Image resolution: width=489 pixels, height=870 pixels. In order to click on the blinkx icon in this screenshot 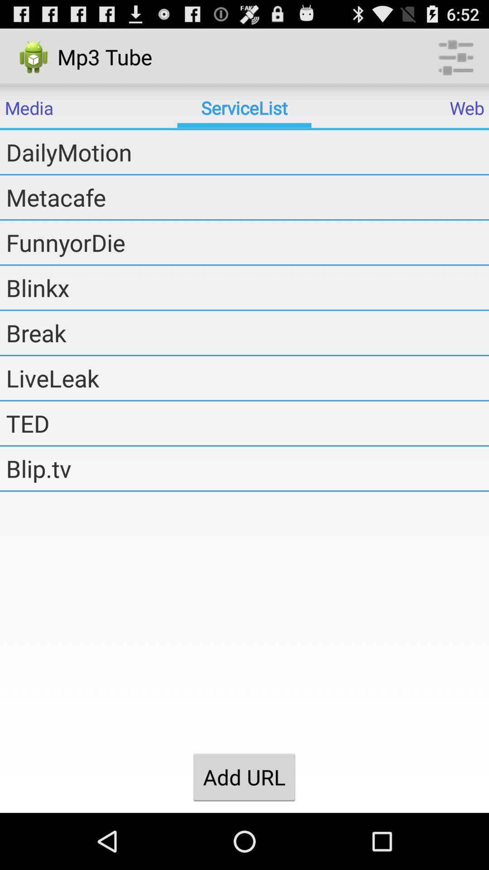, I will do `click(247, 287)`.